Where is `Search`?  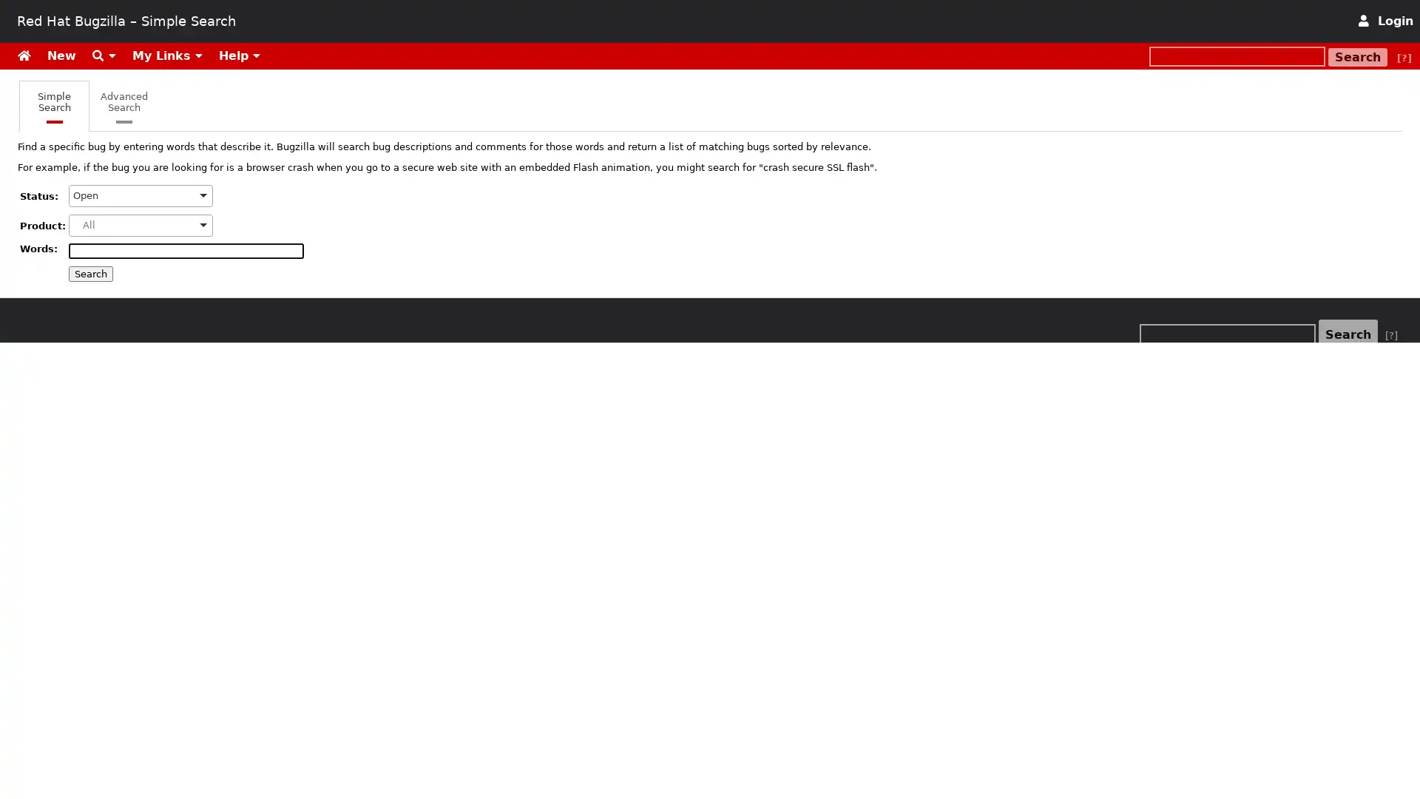 Search is located at coordinates (1358, 56).